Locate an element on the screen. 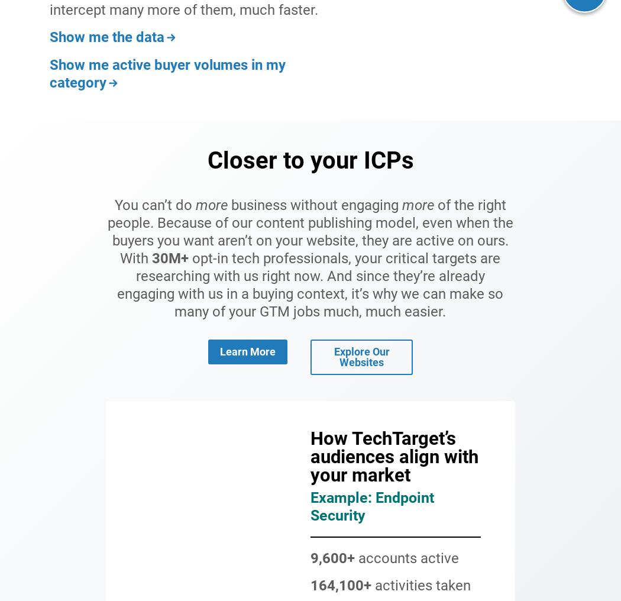 The image size is (621, 601). 'Closer to your ICPs' is located at coordinates (309, 159).